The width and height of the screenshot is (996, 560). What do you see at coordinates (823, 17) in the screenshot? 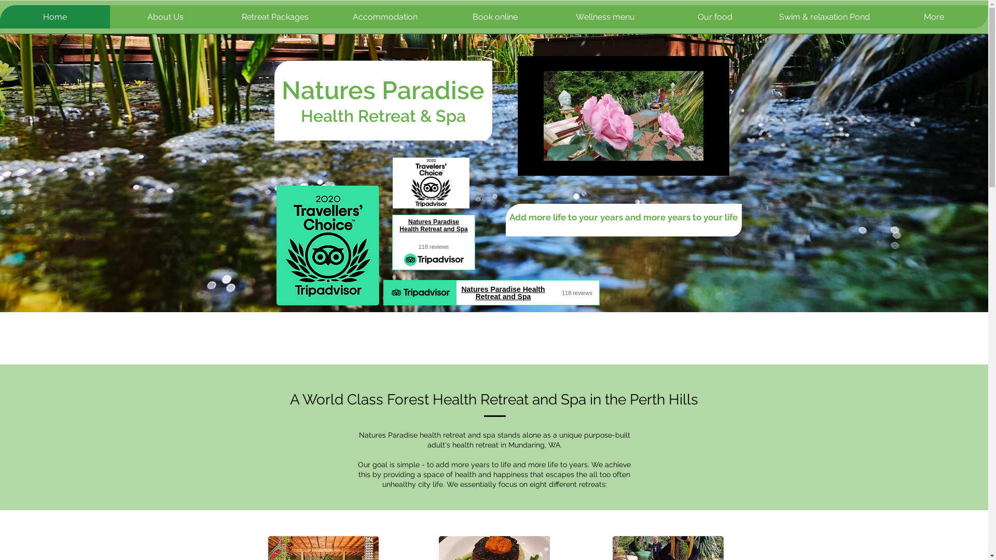
I see `'Swim & relaxation Pond'` at bounding box center [823, 17].